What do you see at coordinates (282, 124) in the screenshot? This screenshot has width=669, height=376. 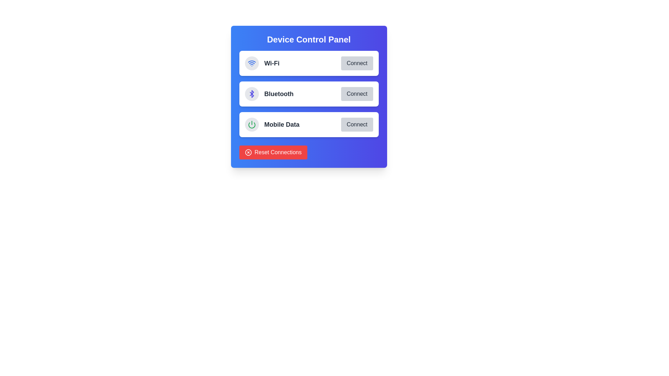 I see `the 'Mobile Data' text label in the control panel, which is located in the third row of options and is immediately to the right of the green power icon` at bounding box center [282, 124].